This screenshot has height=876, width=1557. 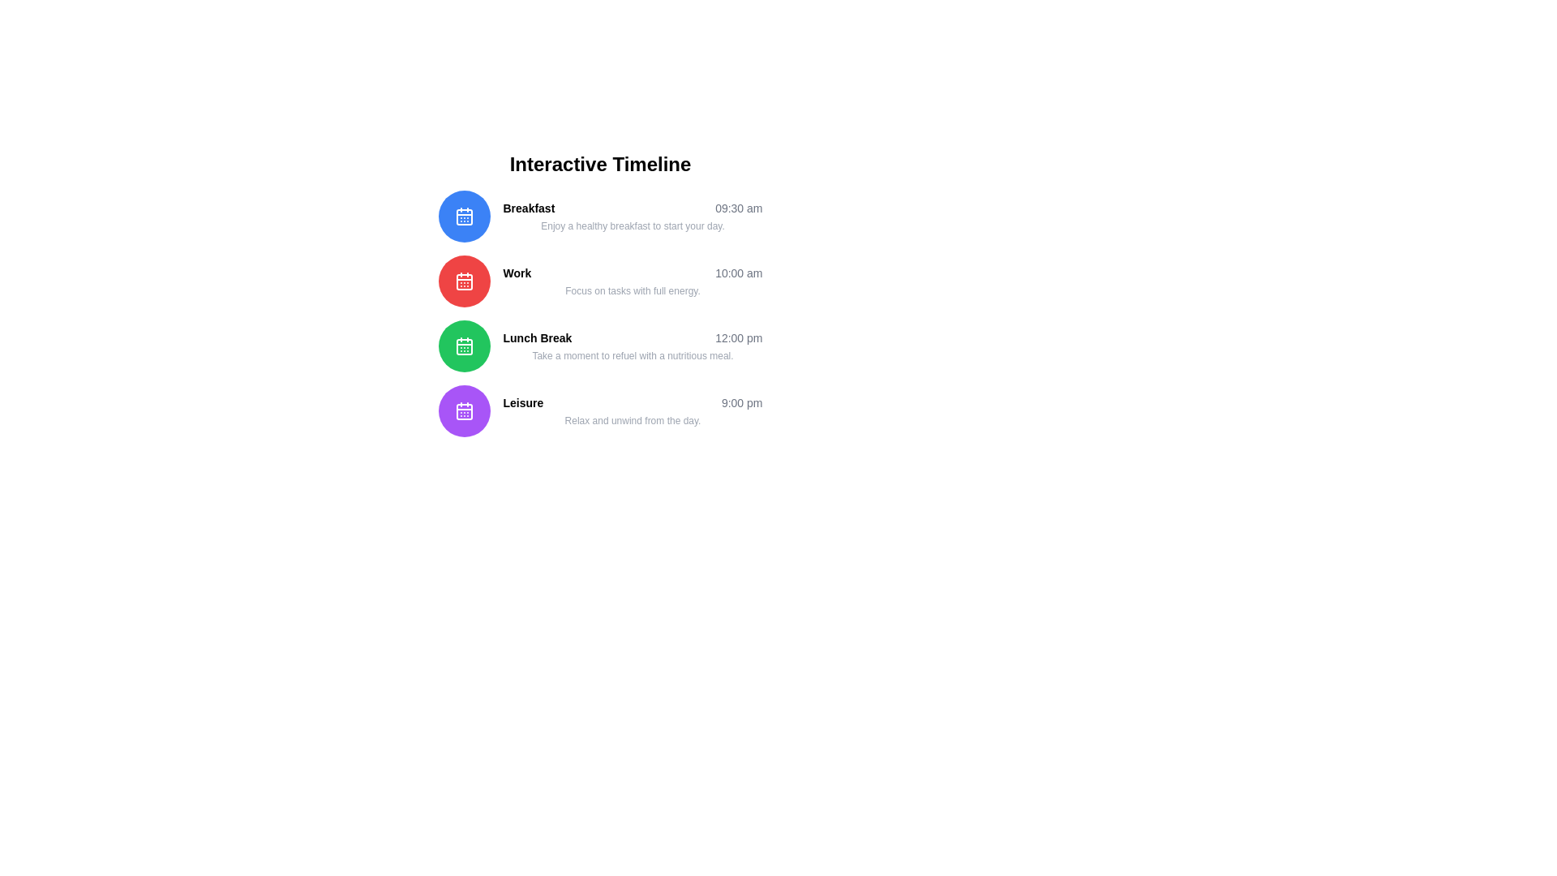 What do you see at coordinates (463, 215) in the screenshot?
I see `the date icon located in the topmost entry of the vertical timeline layout, which is inside a circular blue background to the left of the 'Breakfast' label` at bounding box center [463, 215].